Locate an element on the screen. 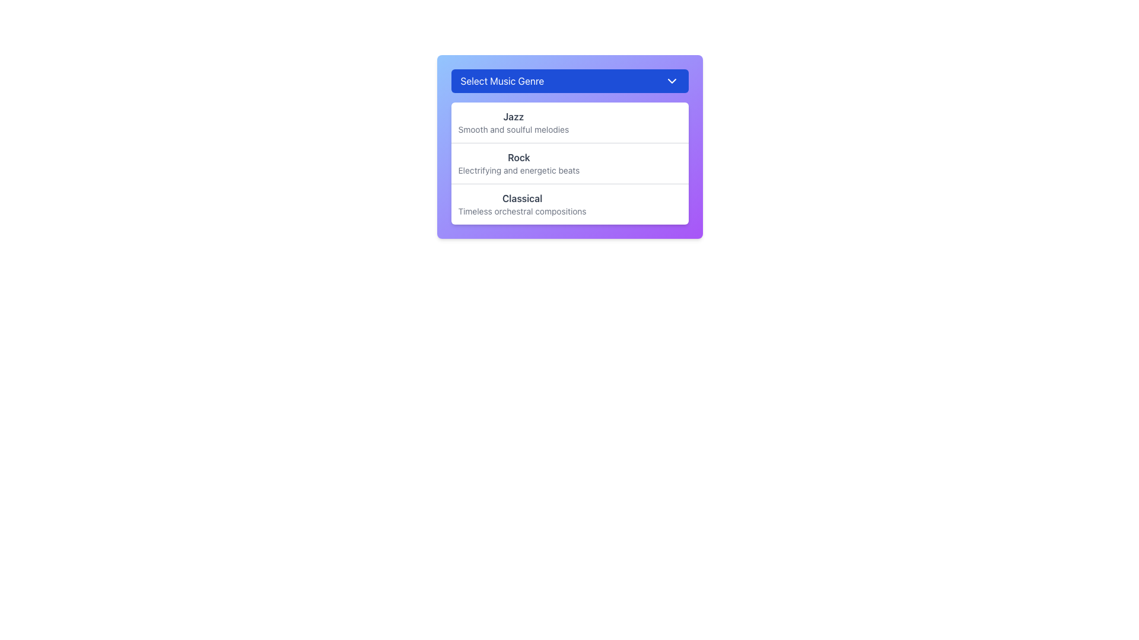  the text label that reads 'Smooth and soulful melodies' located under the 'Jazz' title in the dropdown menu is located at coordinates (513, 130).